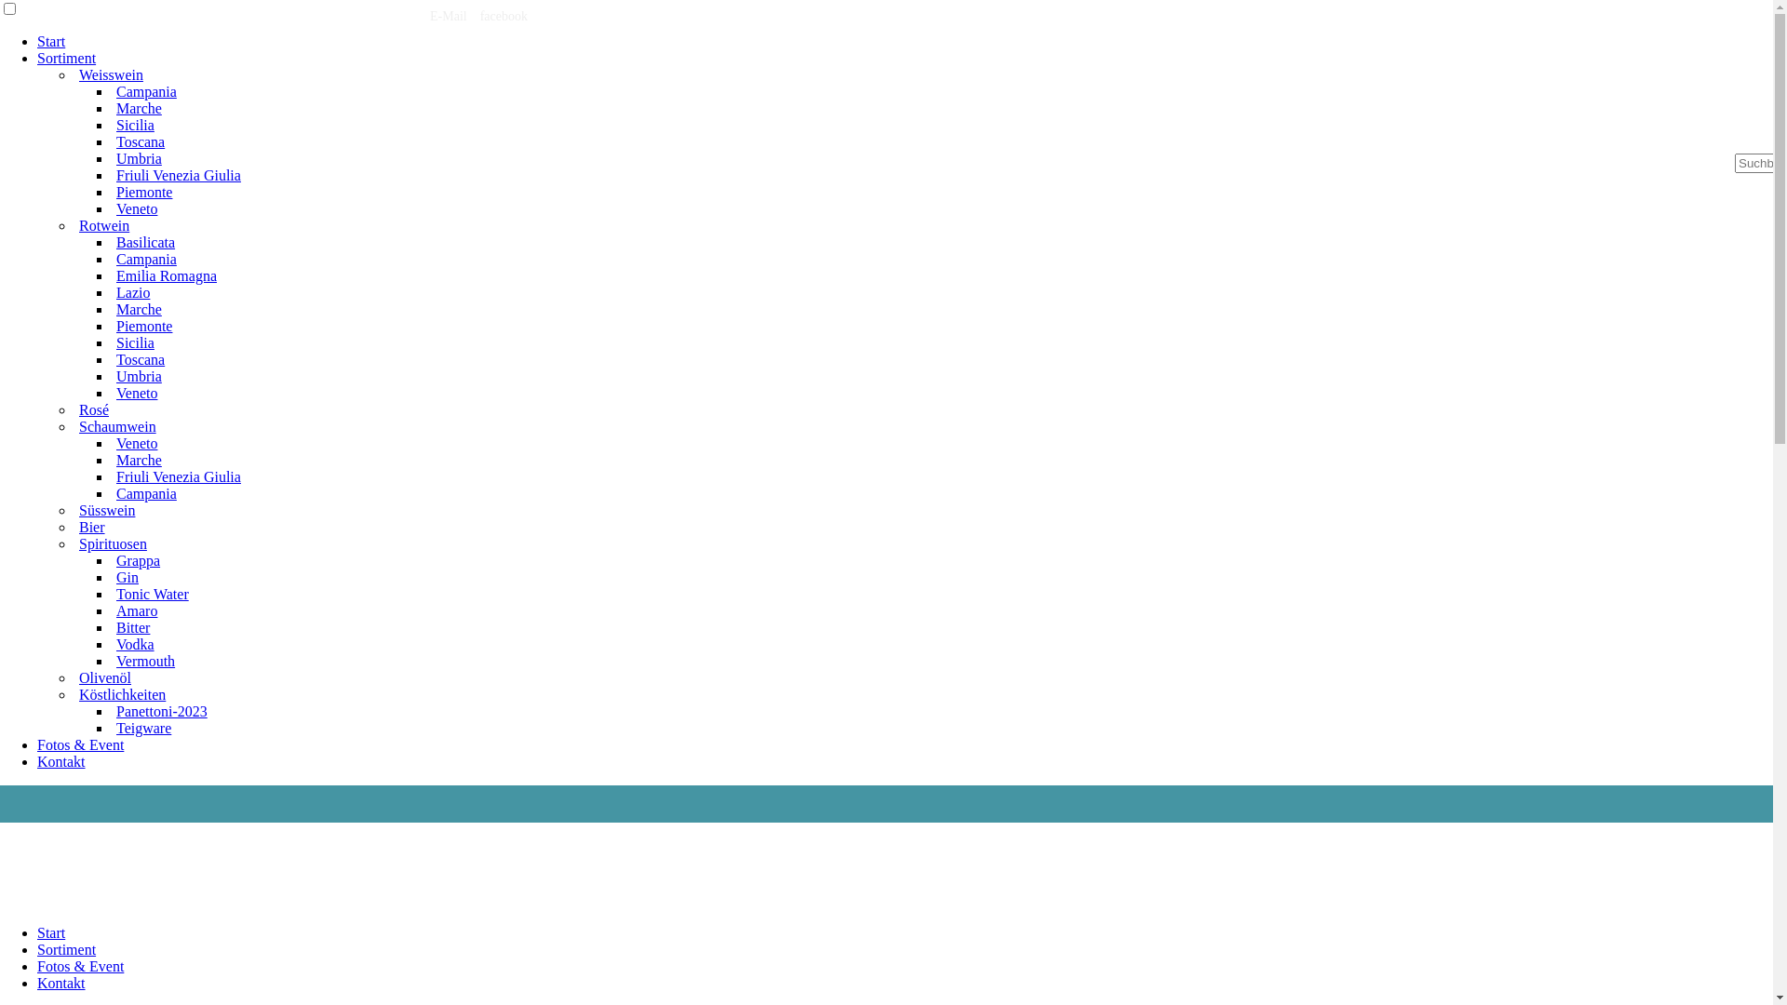 Image resolution: width=1787 pixels, height=1005 pixels. I want to click on 'Bier', so click(91, 527).